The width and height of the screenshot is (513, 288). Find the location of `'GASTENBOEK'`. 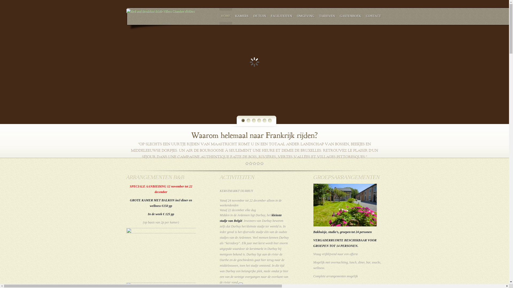

'GASTENBOEK' is located at coordinates (350, 16).